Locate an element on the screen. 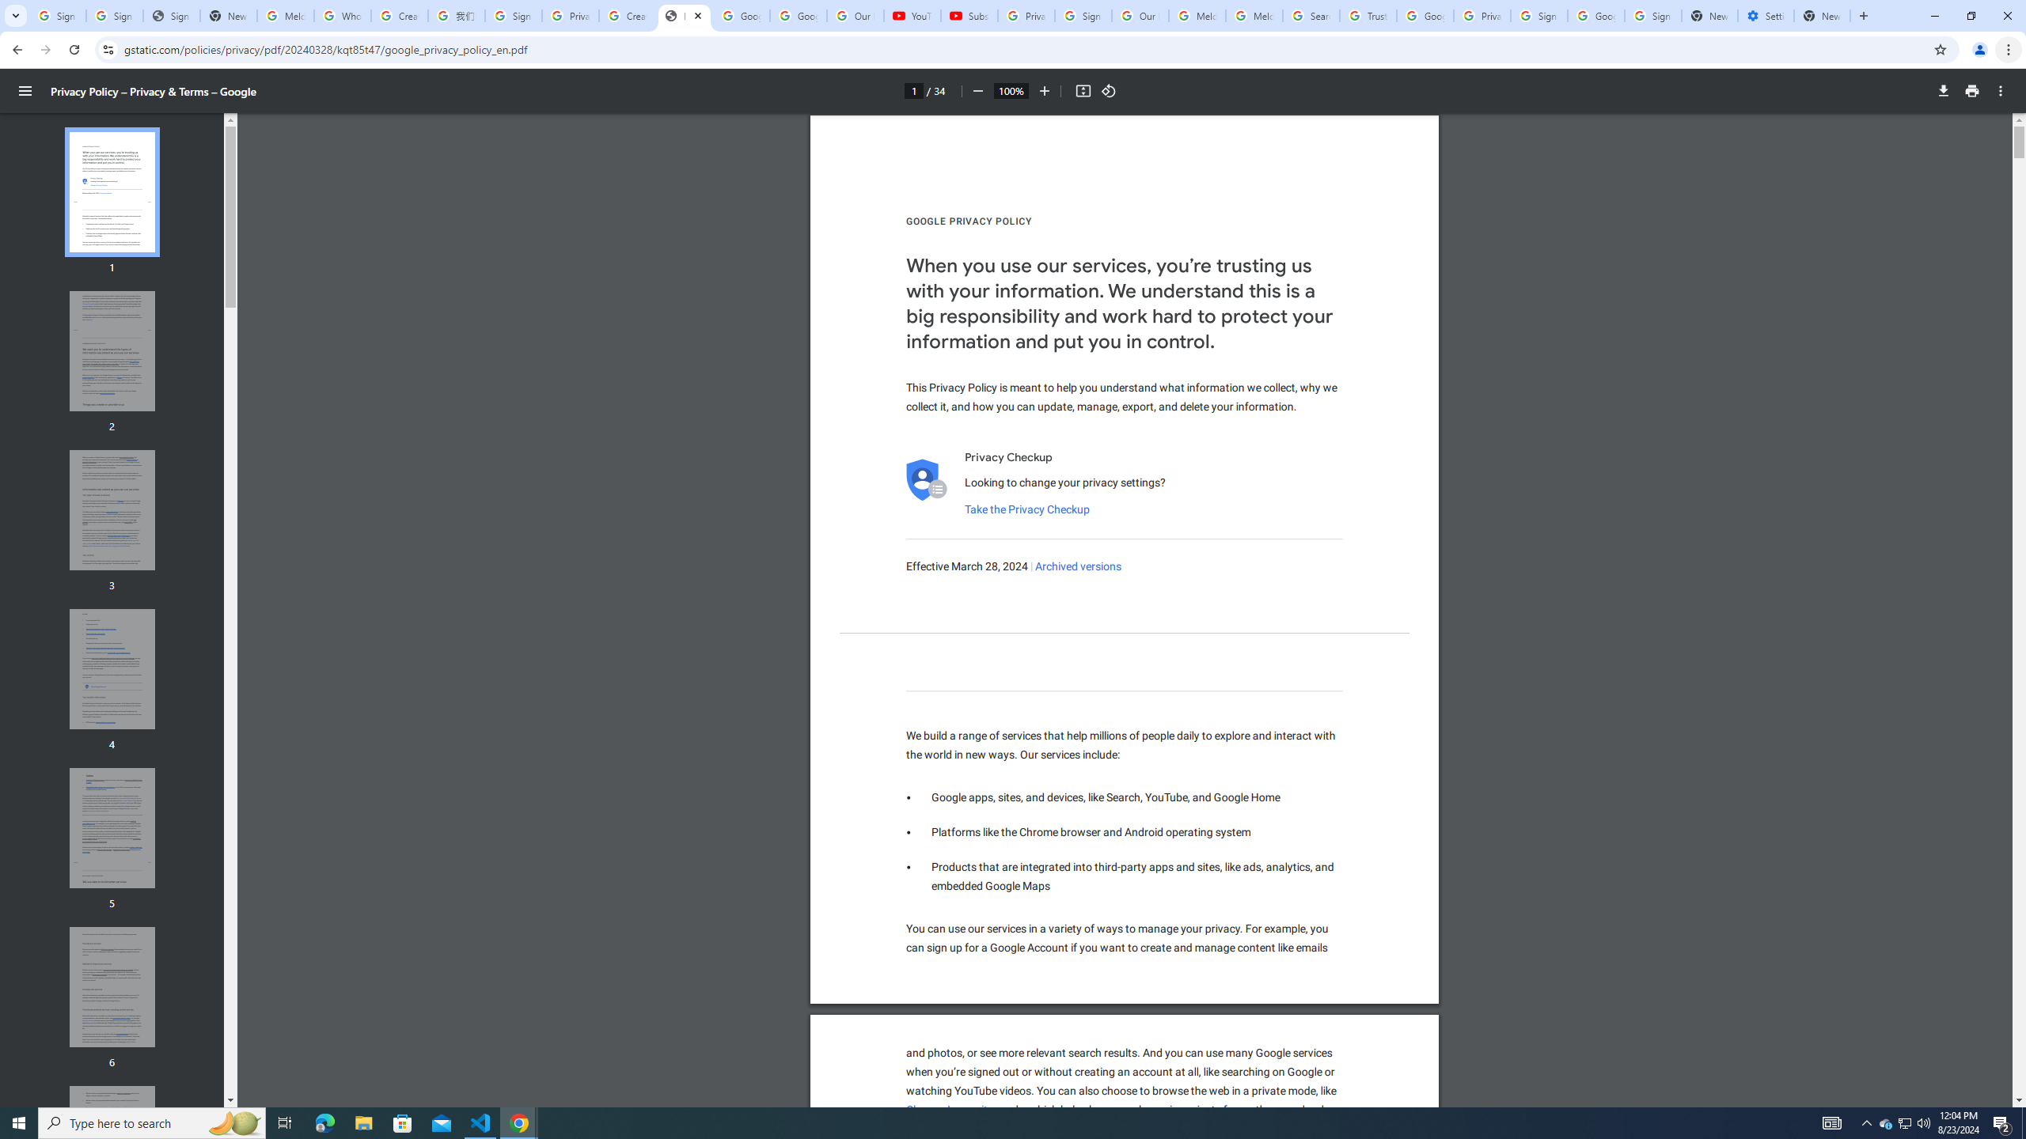  'Page number' is located at coordinates (912, 90).